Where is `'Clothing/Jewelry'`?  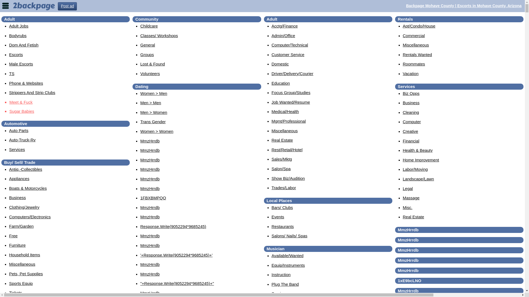
'Clothing/Jewelry' is located at coordinates (9, 207).